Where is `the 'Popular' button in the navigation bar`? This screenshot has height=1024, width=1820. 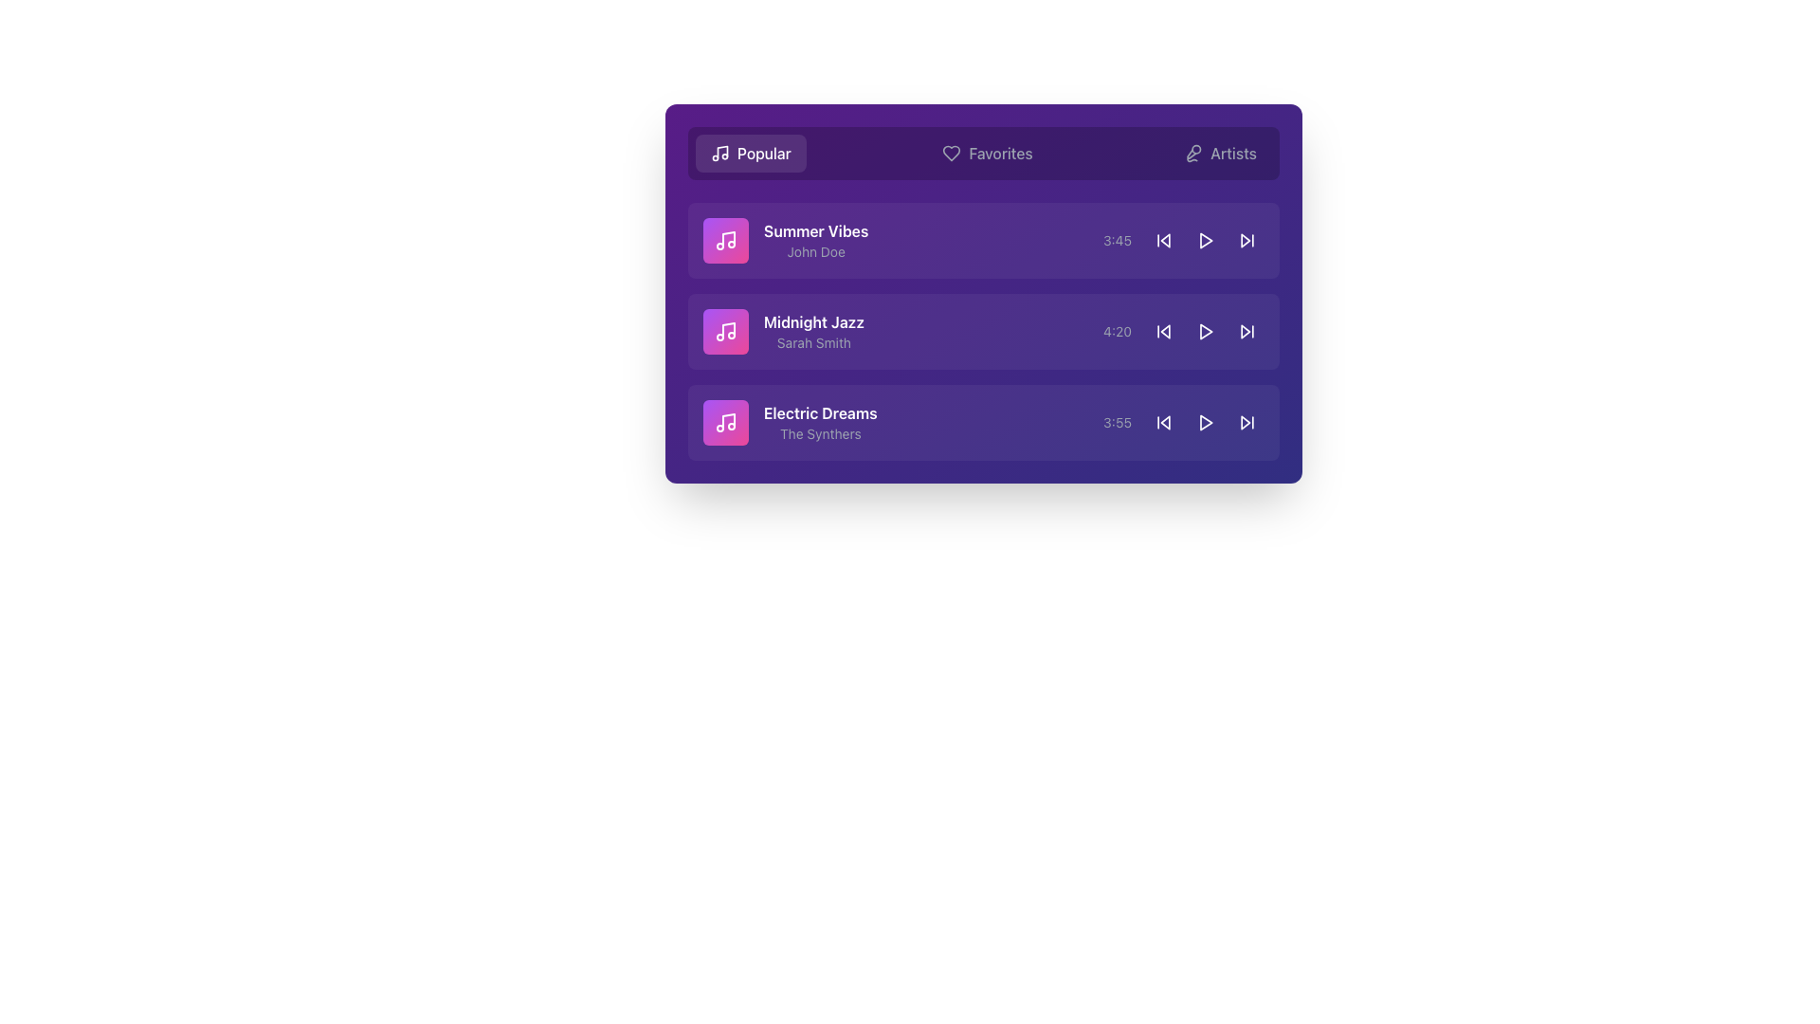
the 'Popular' button in the navigation bar is located at coordinates (750, 153).